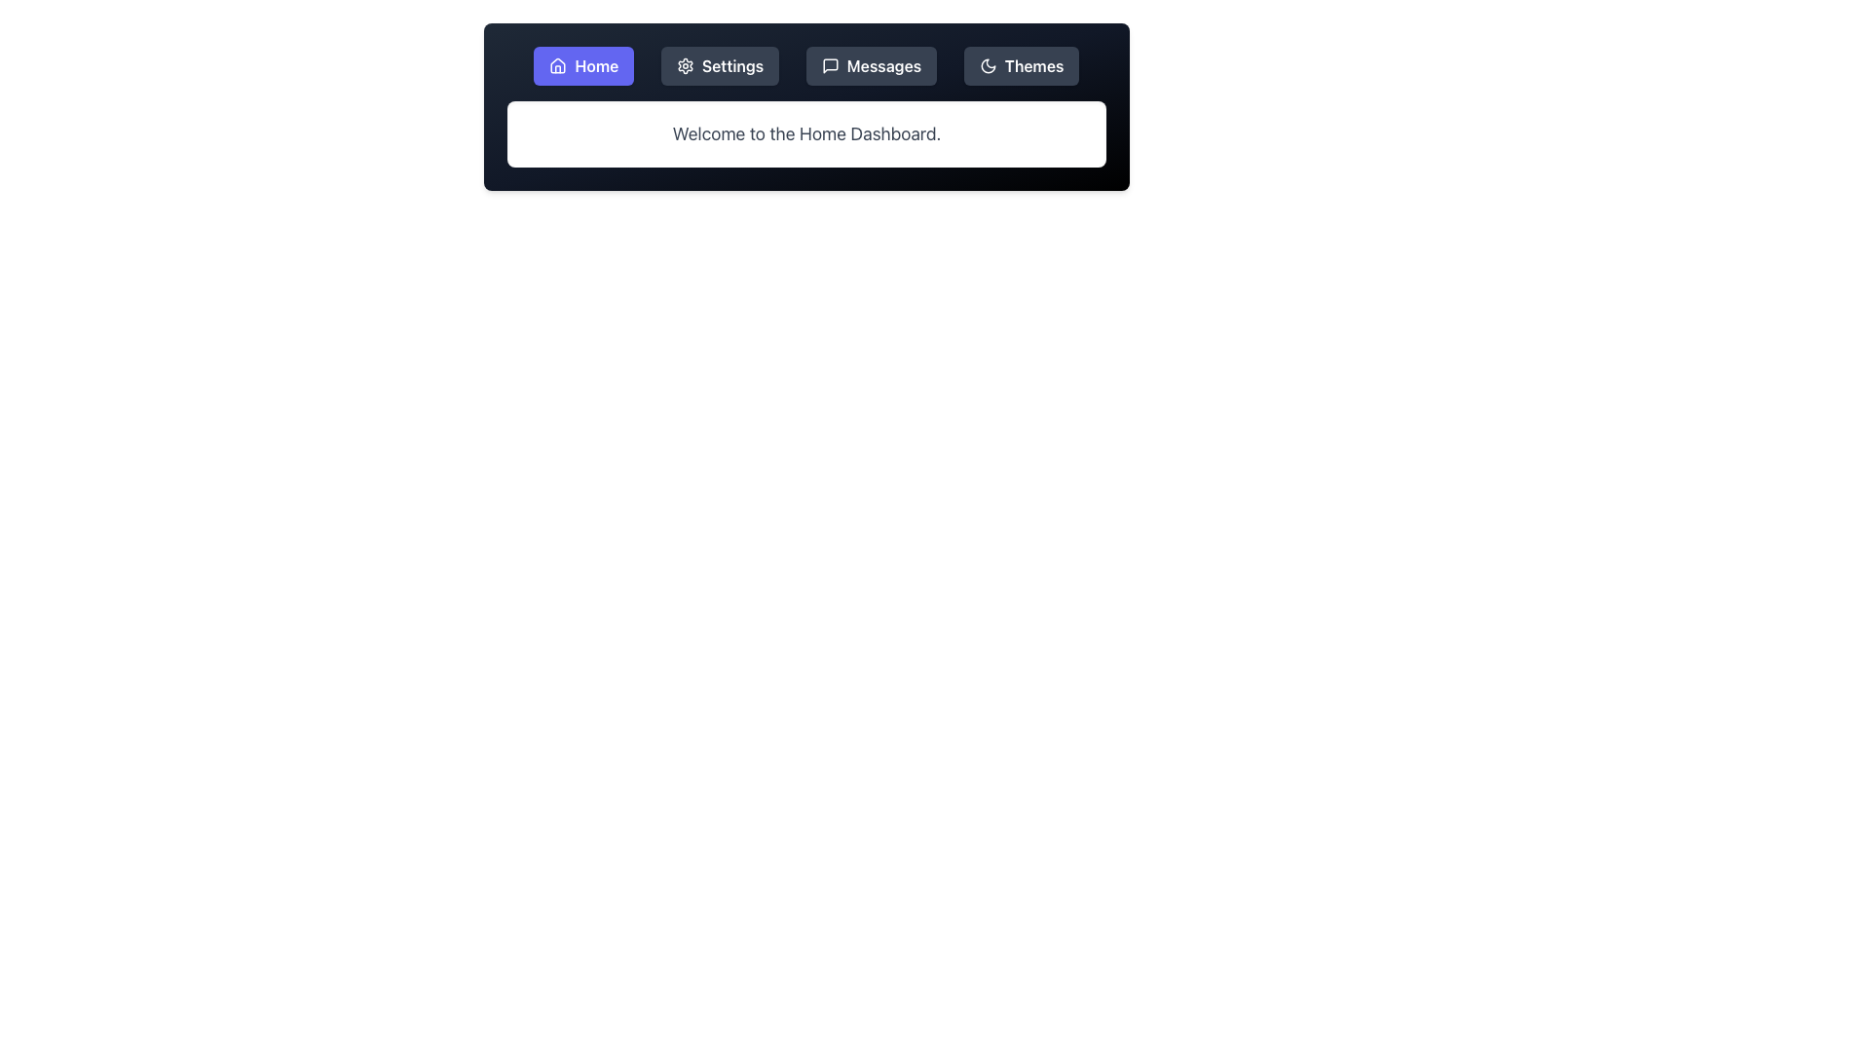 The height and width of the screenshot is (1052, 1870). I want to click on the purple 'Home' button with rounded corners and a house icon, so click(583, 65).